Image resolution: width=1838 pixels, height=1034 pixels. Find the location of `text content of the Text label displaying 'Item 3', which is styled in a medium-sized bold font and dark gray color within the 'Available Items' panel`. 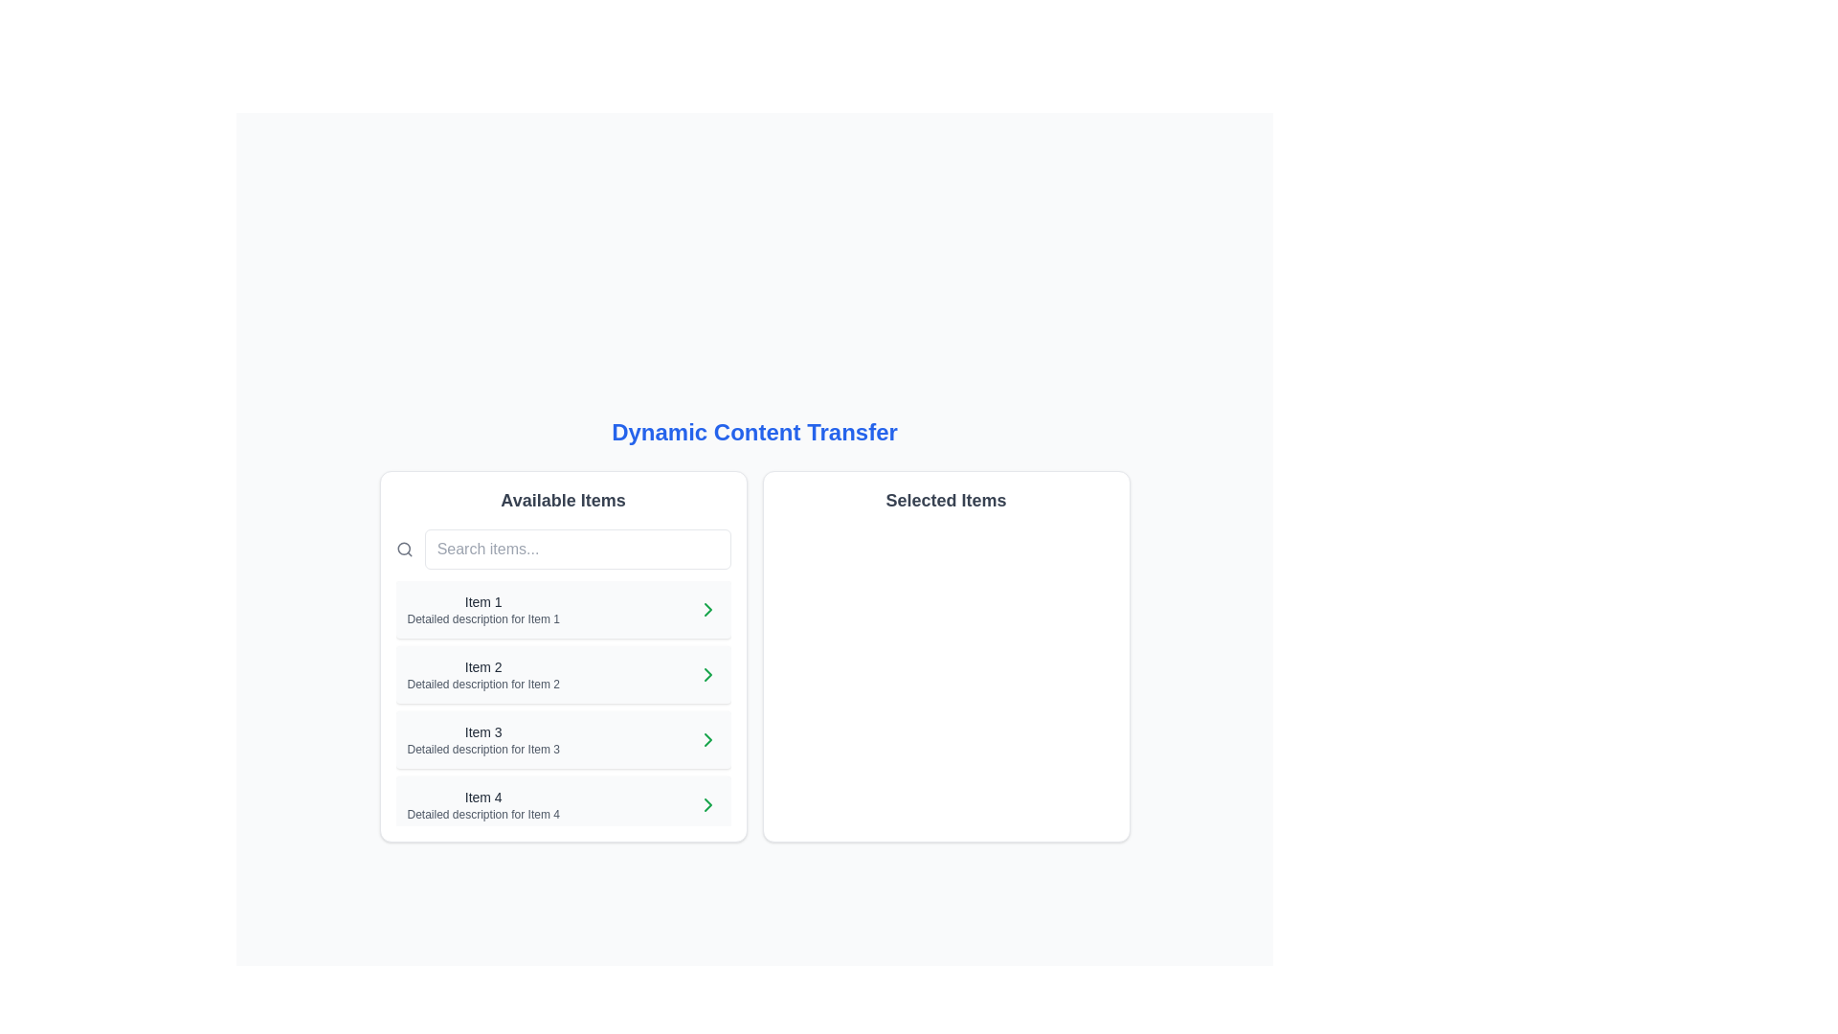

text content of the Text label displaying 'Item 3', which is styled in a medium-sized bold font and dark gray color within the 'Available Items' panel is located at coordinates (483, 731).